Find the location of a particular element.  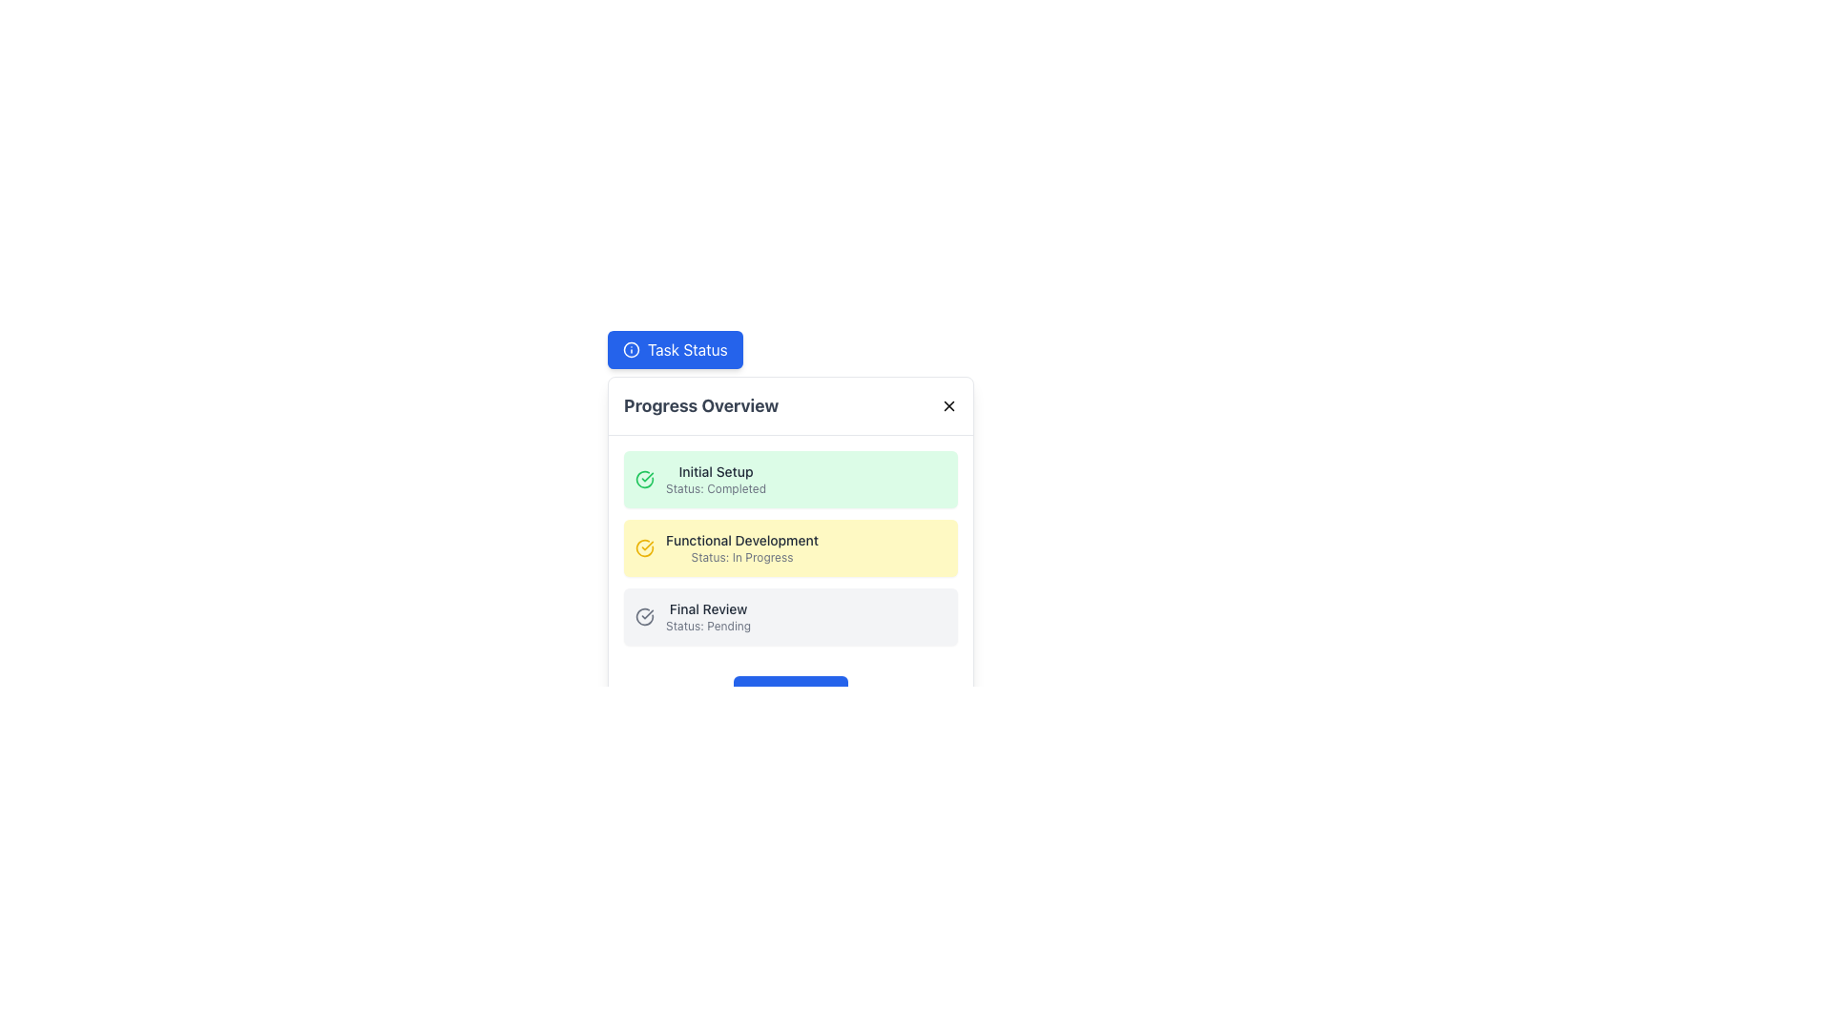

the 'completed' or 'verified' status icon for the 'Final Review' phase located in the third section of the 'Progress Overview' modal is located at coordinates (645, 617).